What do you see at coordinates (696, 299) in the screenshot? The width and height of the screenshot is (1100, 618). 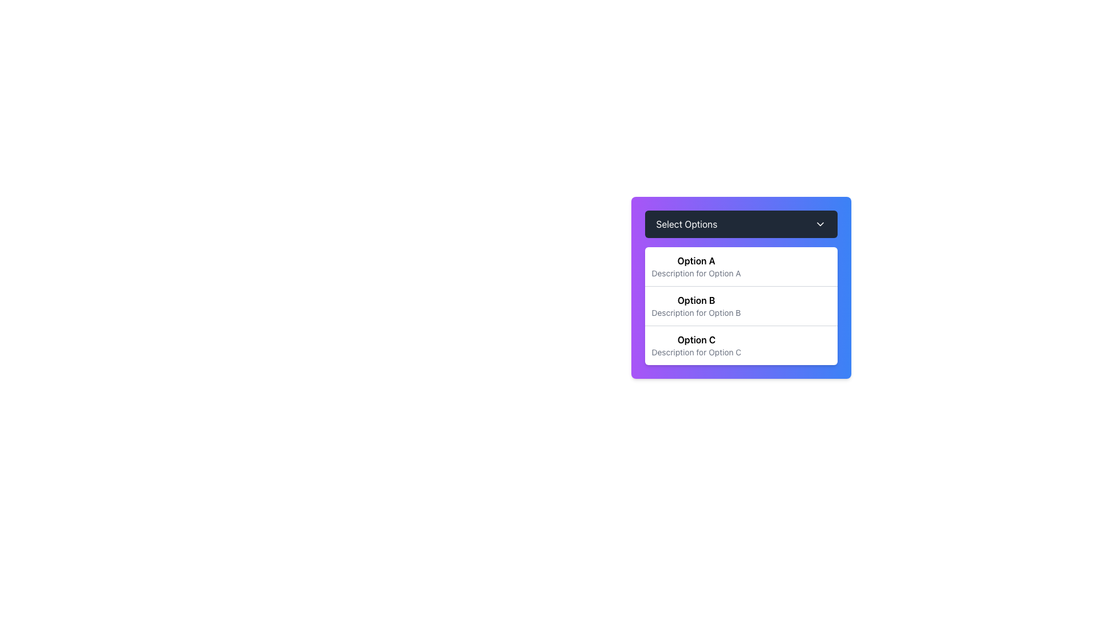 I see `the text label for 'Option B' located in the middle item of the dropdown menu, which precedes its description text` at bounding box center [696, 299].